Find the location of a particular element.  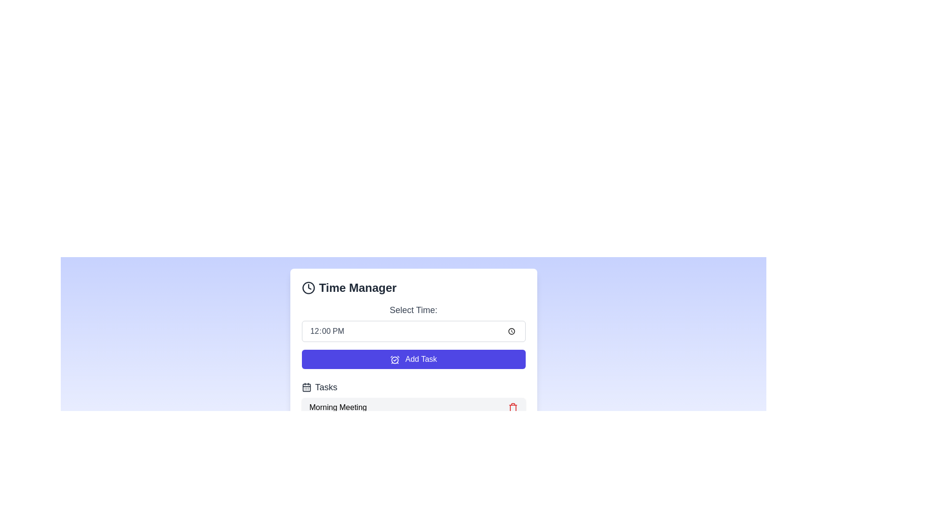

the 'Select Time:' text label, which is a bold, gray-colored label located above a time input field in the 'Time Manager' section of the application is located at coordinates (413, 310).